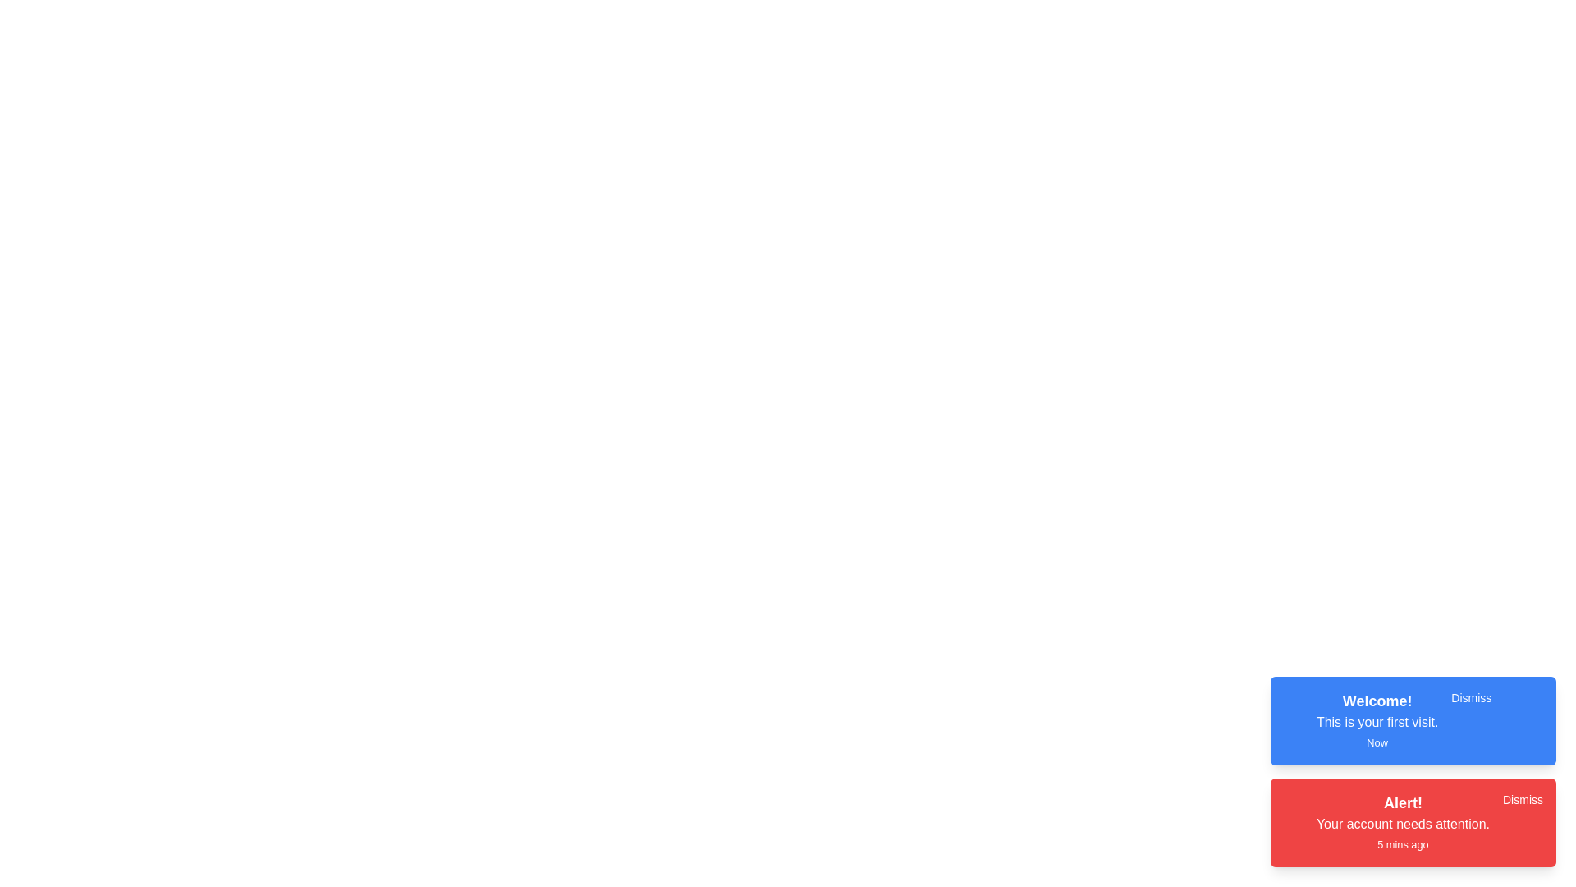  What do you see at coordinates (1522, 799) in the screenshot?
I see `the 'Dismiss' button for the notification with title 'Alert!'` at bounding box center [1522, 799].